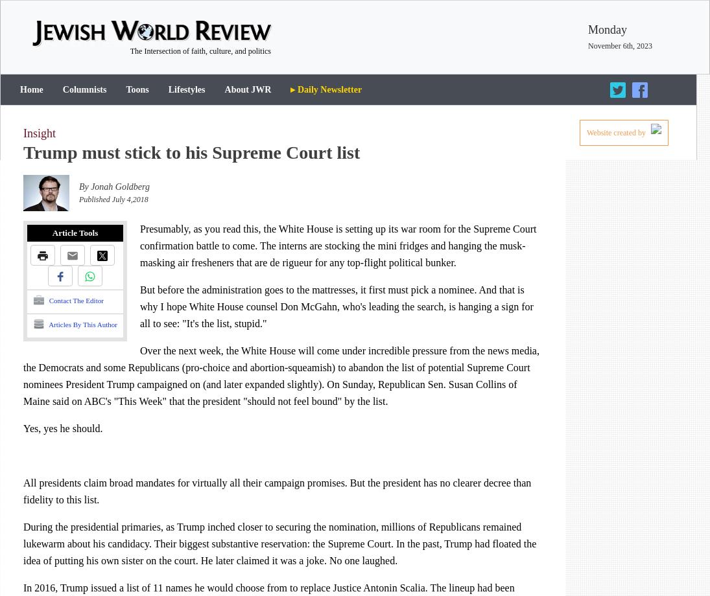 The height and width of the screenshot is (596, 710). What do you see at coordinates (23, 491) in the screenshot?
I see `'All presidents claim broad mandates for virtually all their campaign promises. But the president has no clearer decree than fidelity to this list.'` at bounding box center [23, 491].